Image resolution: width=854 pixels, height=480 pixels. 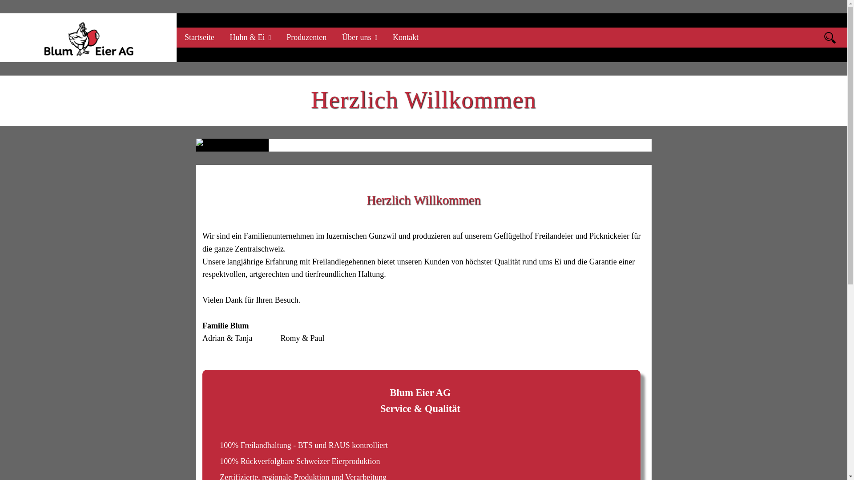 I want to click on 'Suchen', so click(x=830, y=37).